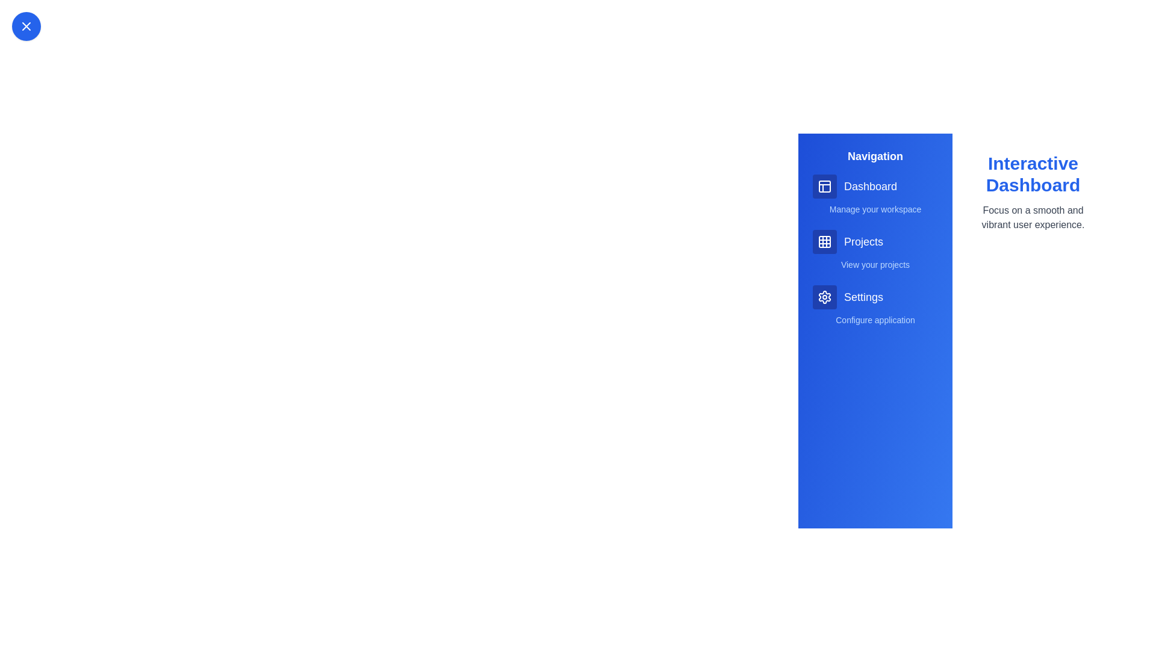 The height and width of the screenshot is (650, 1156). What do you see at coordinates (26, 26) in the screenshot?
I see `the button with the X icon to toggle the navigation drawer` at bounding box center [26, 26].